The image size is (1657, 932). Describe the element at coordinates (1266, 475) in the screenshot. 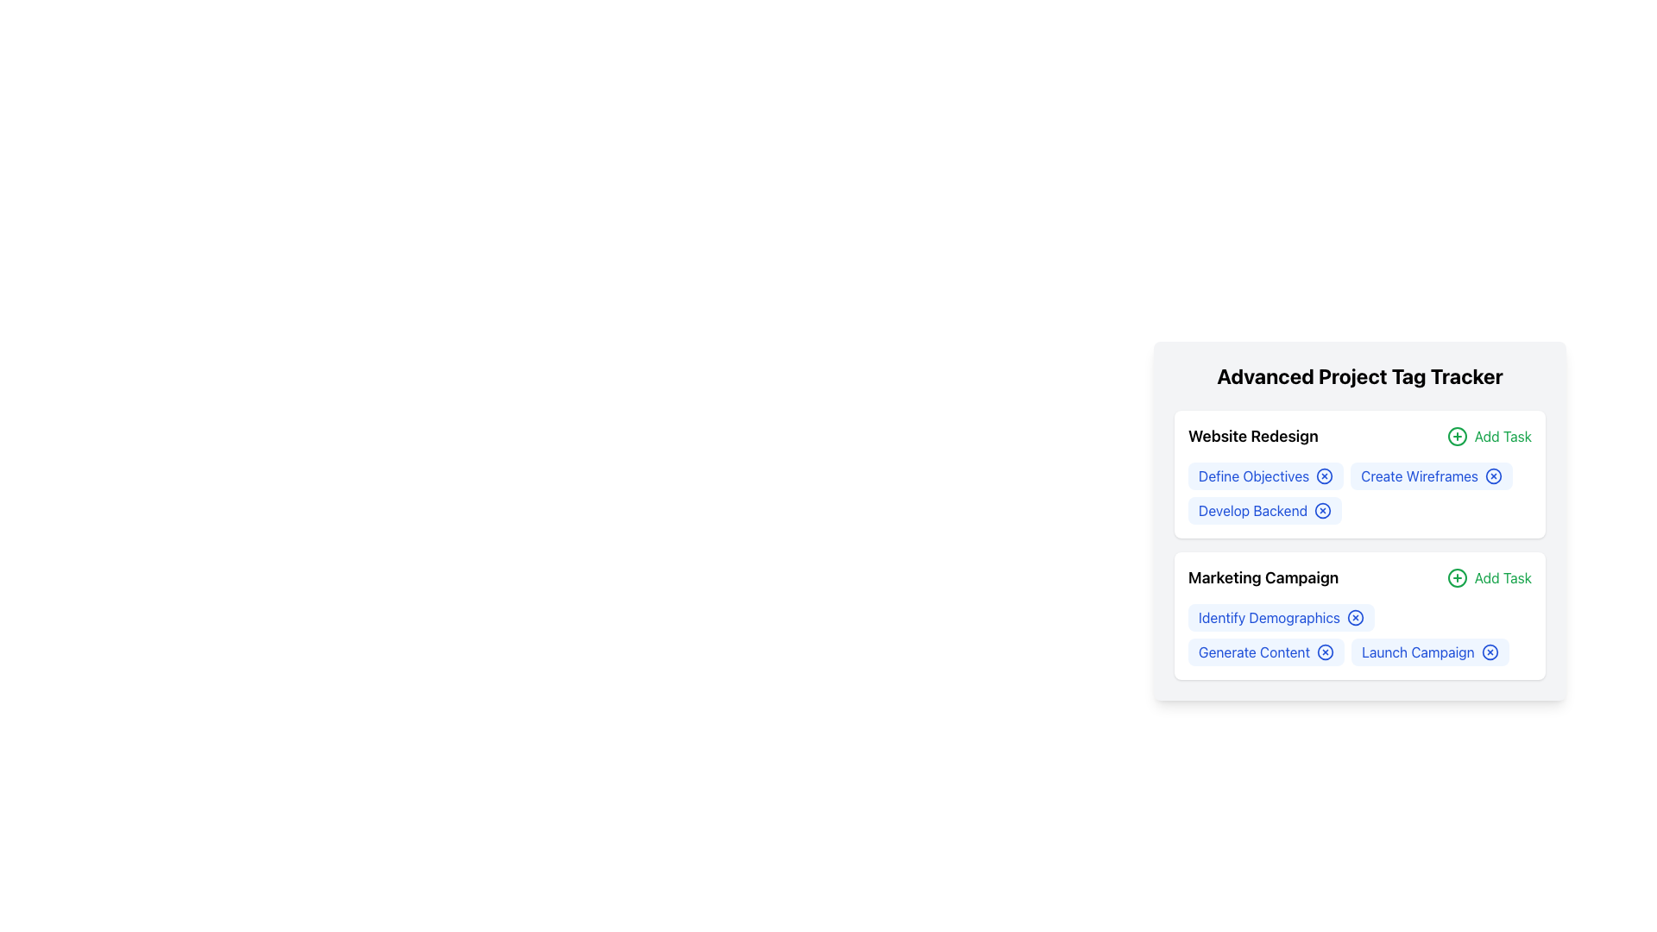

I see `the 'Define Objectives' button which is styled with a blue background and rounded corners, located in the upper section of the 'Website Redesign' card` at that location.